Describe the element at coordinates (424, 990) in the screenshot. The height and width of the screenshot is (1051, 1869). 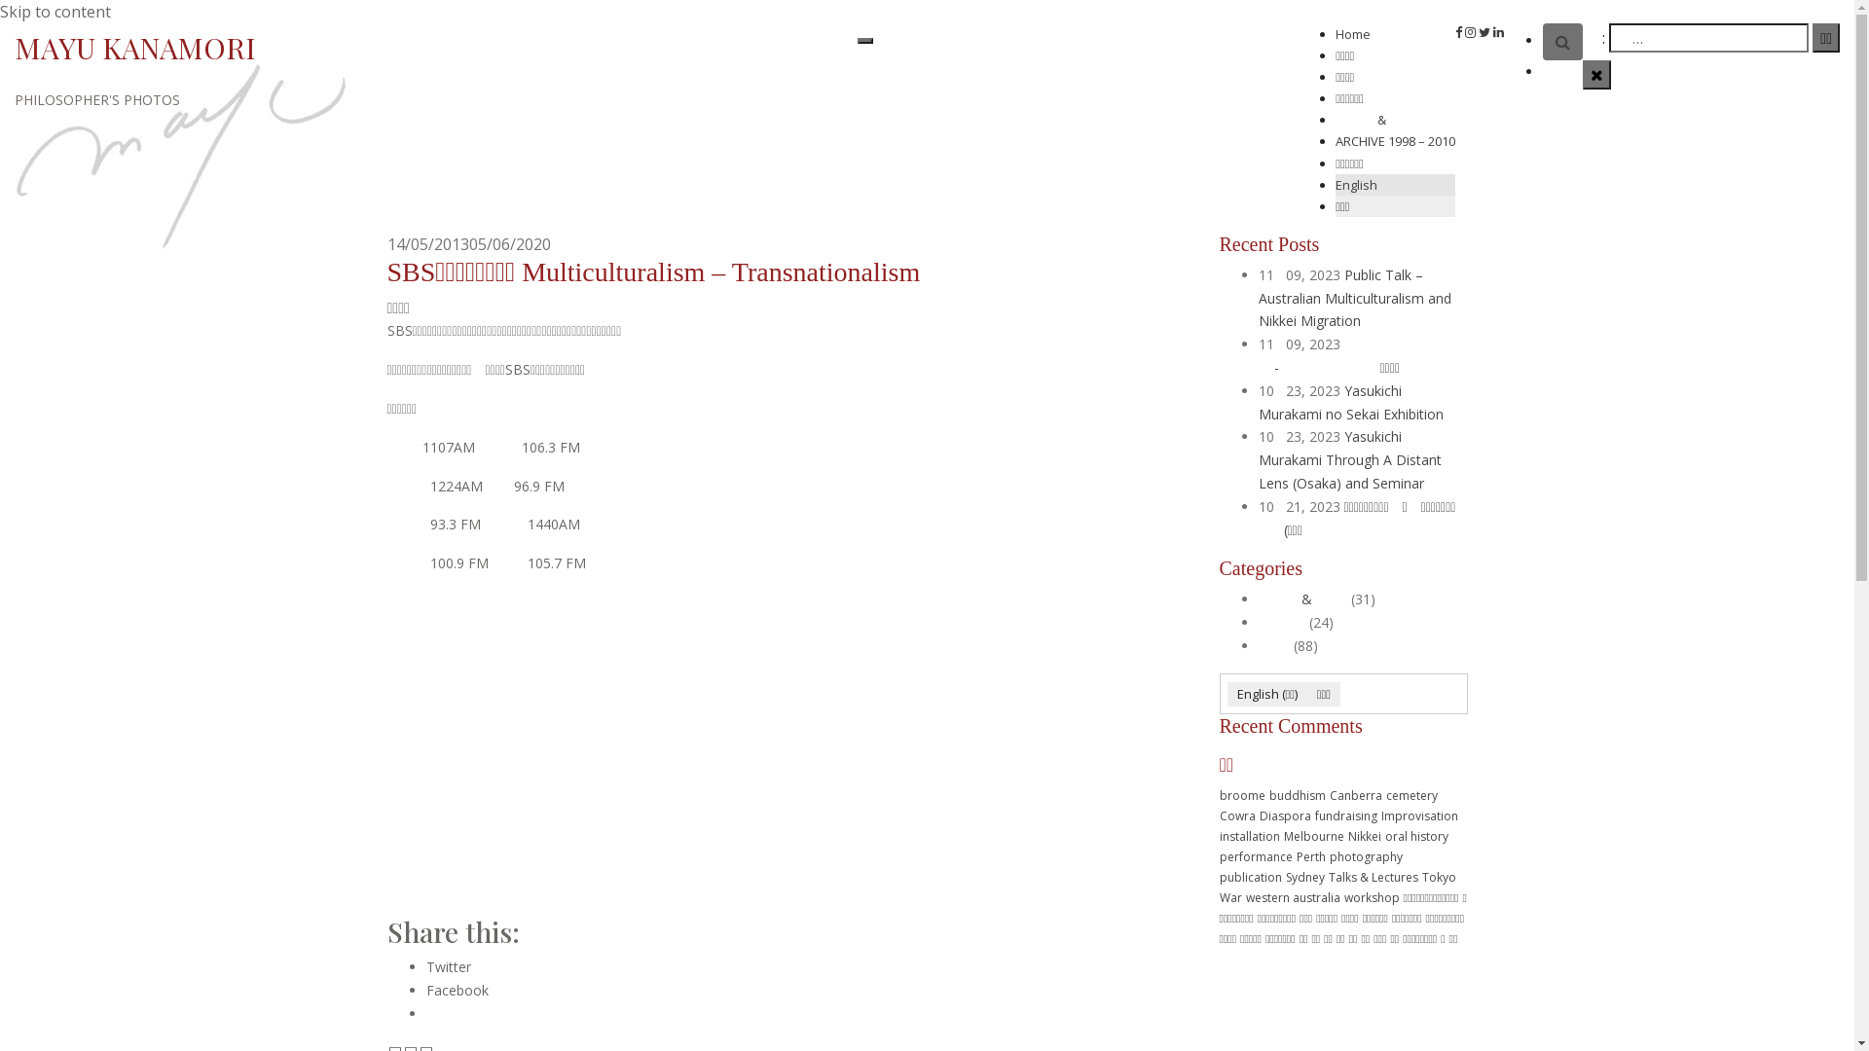
I see `'Facebook'` at that location.